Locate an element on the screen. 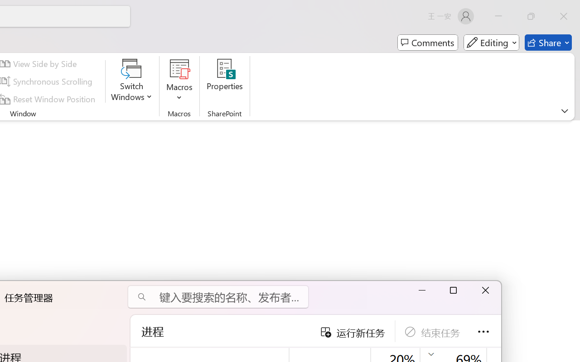 The image size is (580, 362). 'Comments' is located at coordinates (427, 43).